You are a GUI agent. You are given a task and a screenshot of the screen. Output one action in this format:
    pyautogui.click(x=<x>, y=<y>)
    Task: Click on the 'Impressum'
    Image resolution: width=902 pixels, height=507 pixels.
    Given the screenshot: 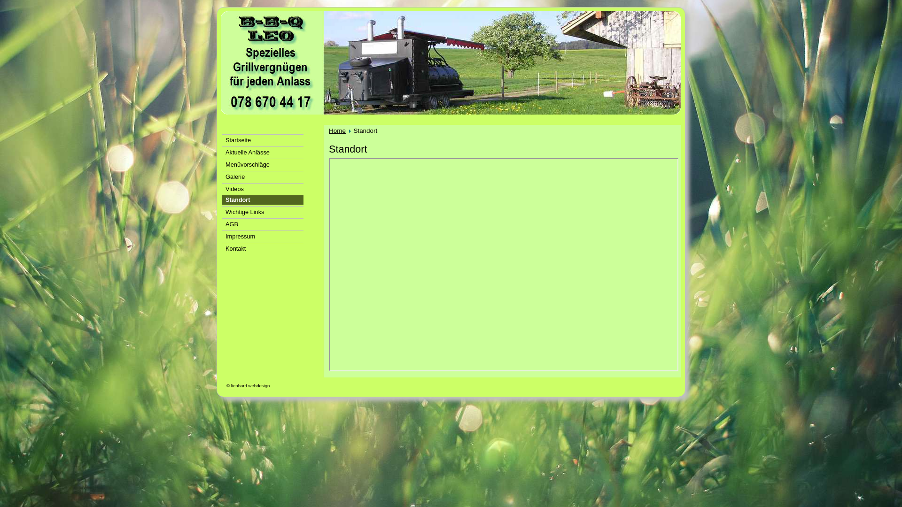 What is the action you would take?
    pyautogui.click(x=221, y=235)
    